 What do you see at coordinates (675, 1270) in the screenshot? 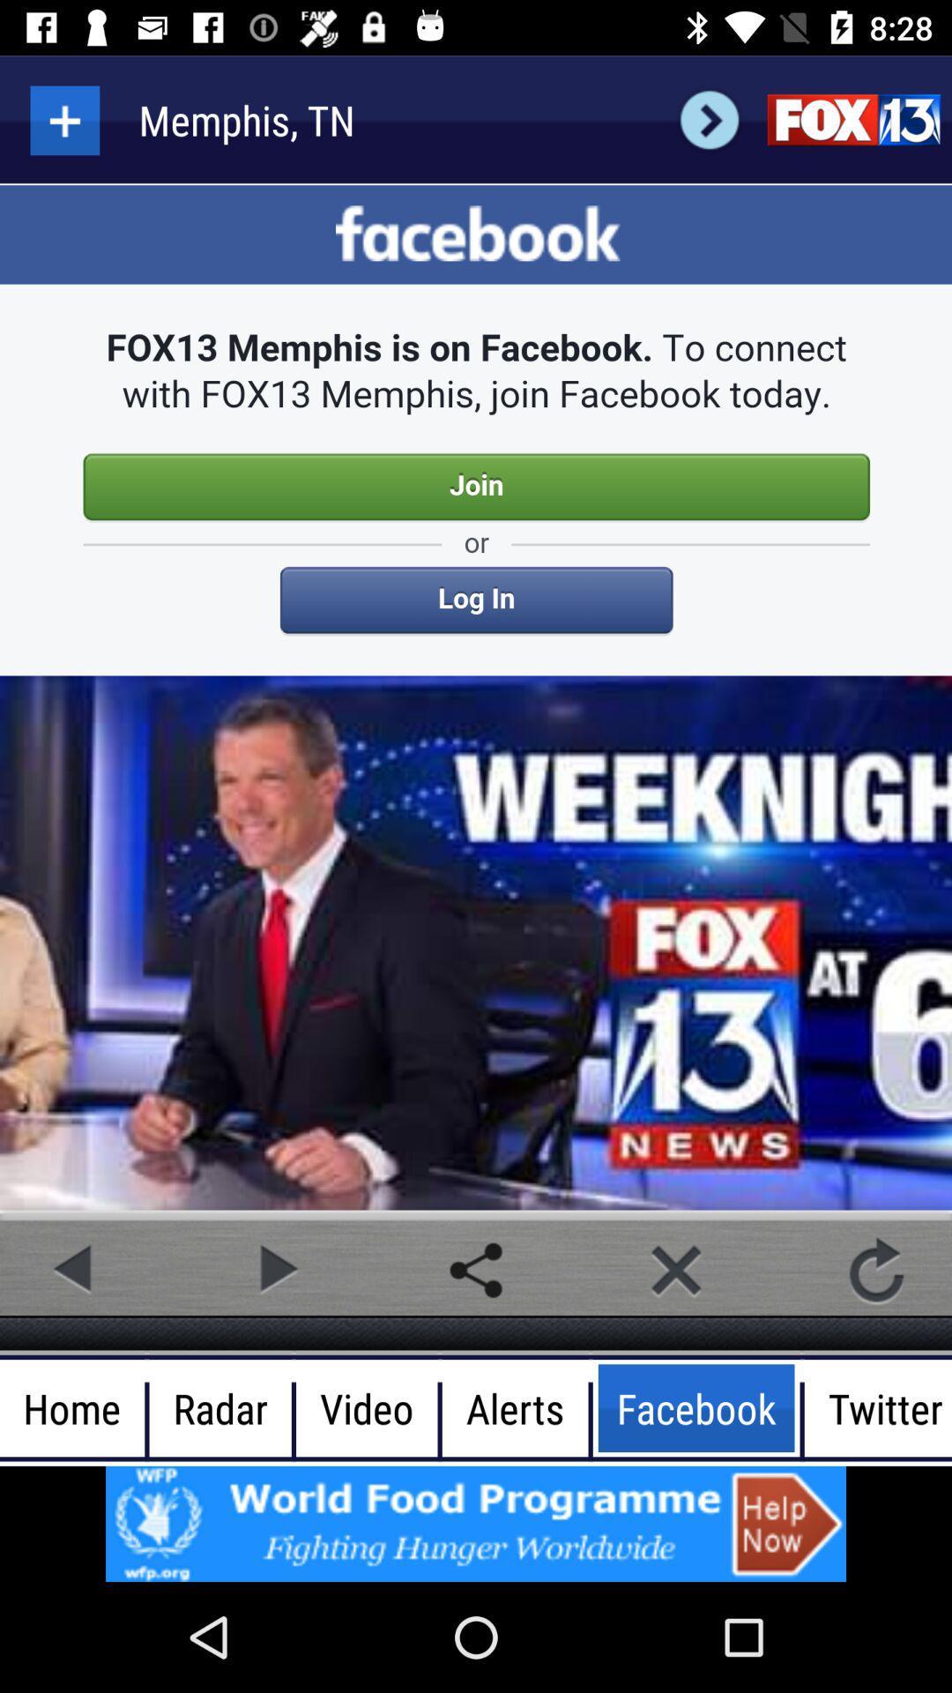
I see `the close icon` at bounding box center [675, 1270].